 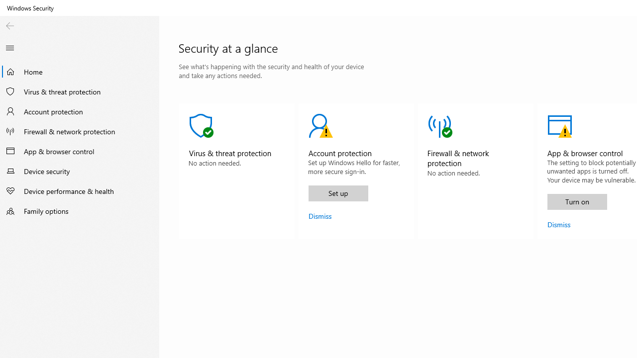 I want to click on 'Family options', so click(x=80, y=210).